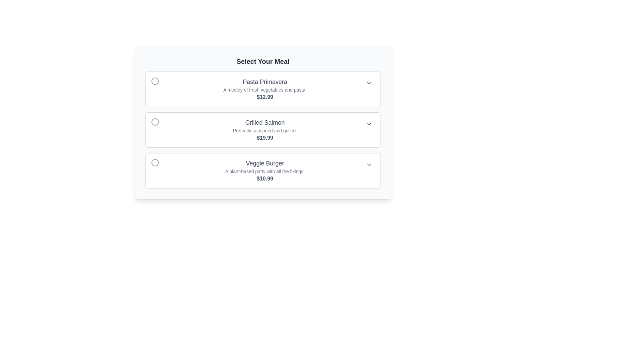 The width and height of the screenshot is (642, 361). Describe the element at coordinates (368, 124) in the screenshot. I see `the chevron icon pointing downward located next to the 'Grilled Salmon' section` at that location.